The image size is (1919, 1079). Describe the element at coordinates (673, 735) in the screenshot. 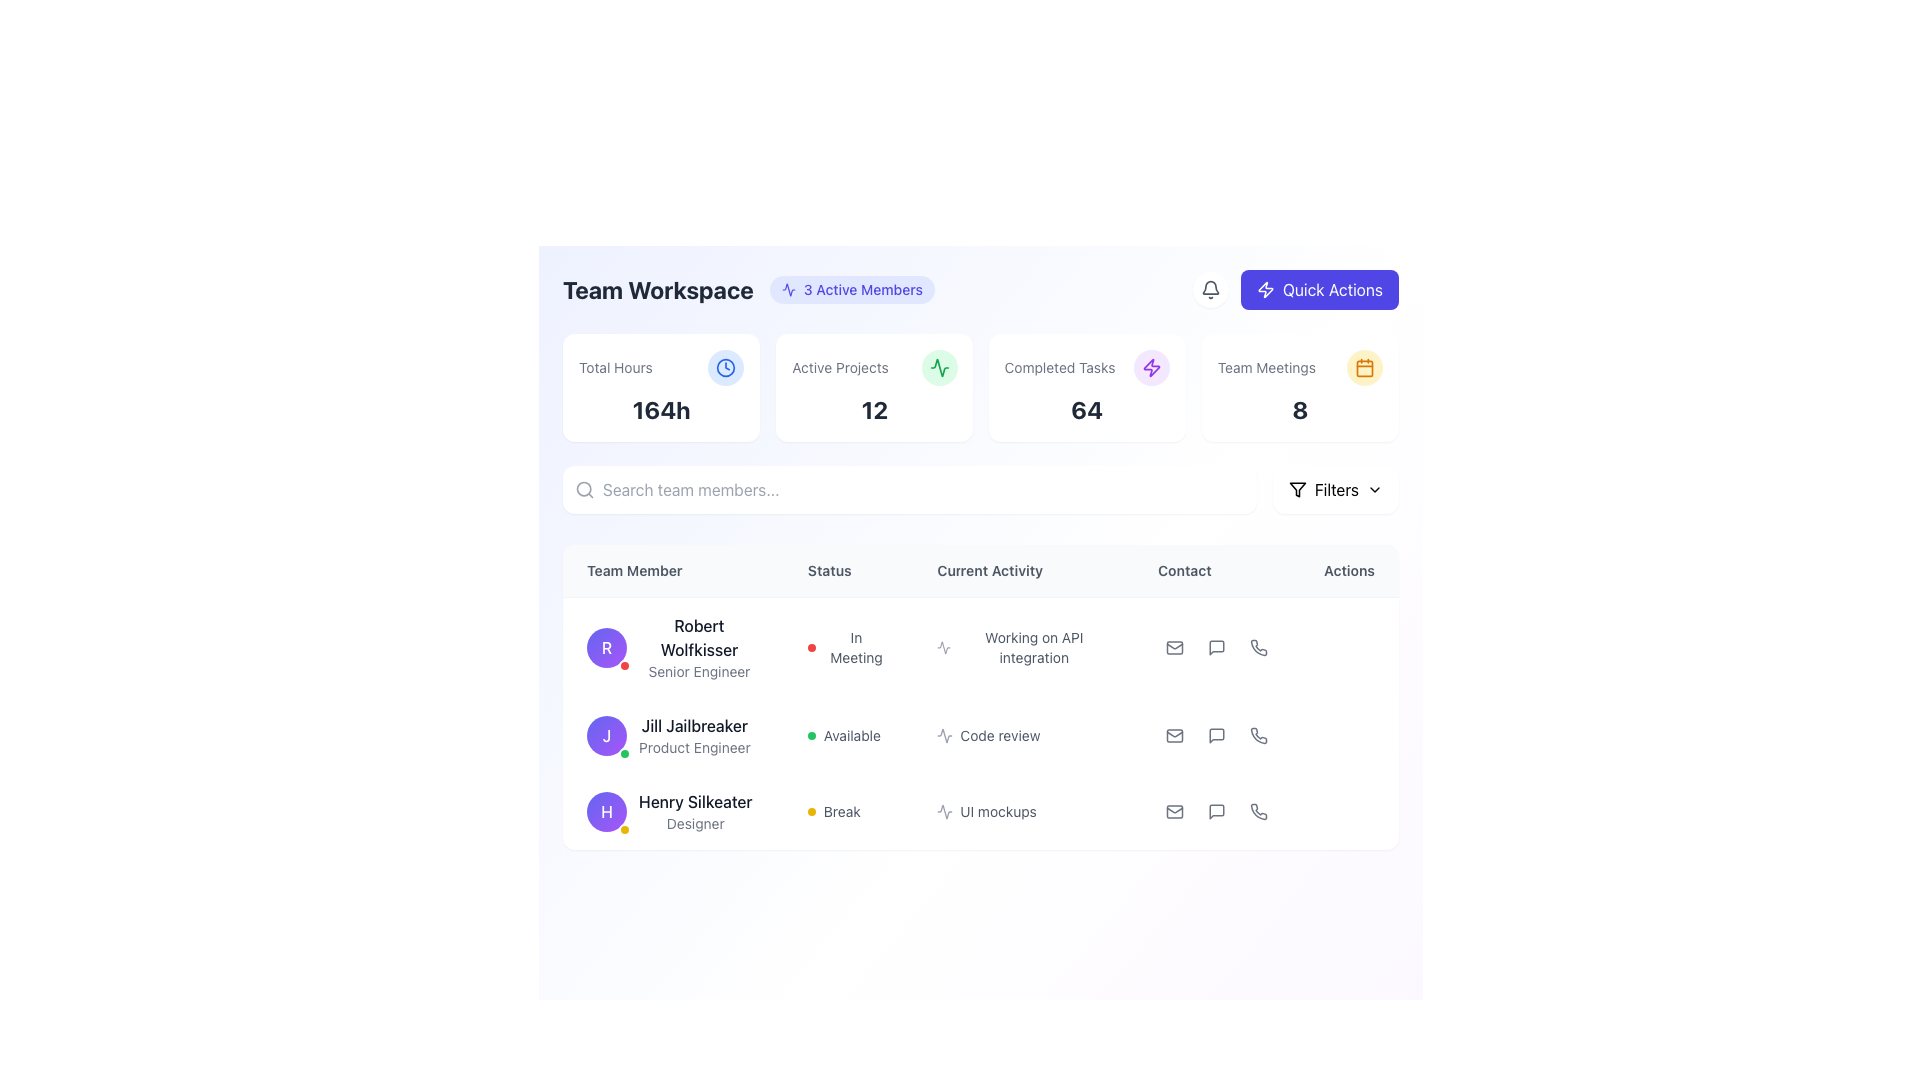

I see `displayed information for the team member profile located in the second row of the table under the 'Team Member' column, positioned between 'Robert Wolfkisser' and 'Henry Silkeater'` at that location.